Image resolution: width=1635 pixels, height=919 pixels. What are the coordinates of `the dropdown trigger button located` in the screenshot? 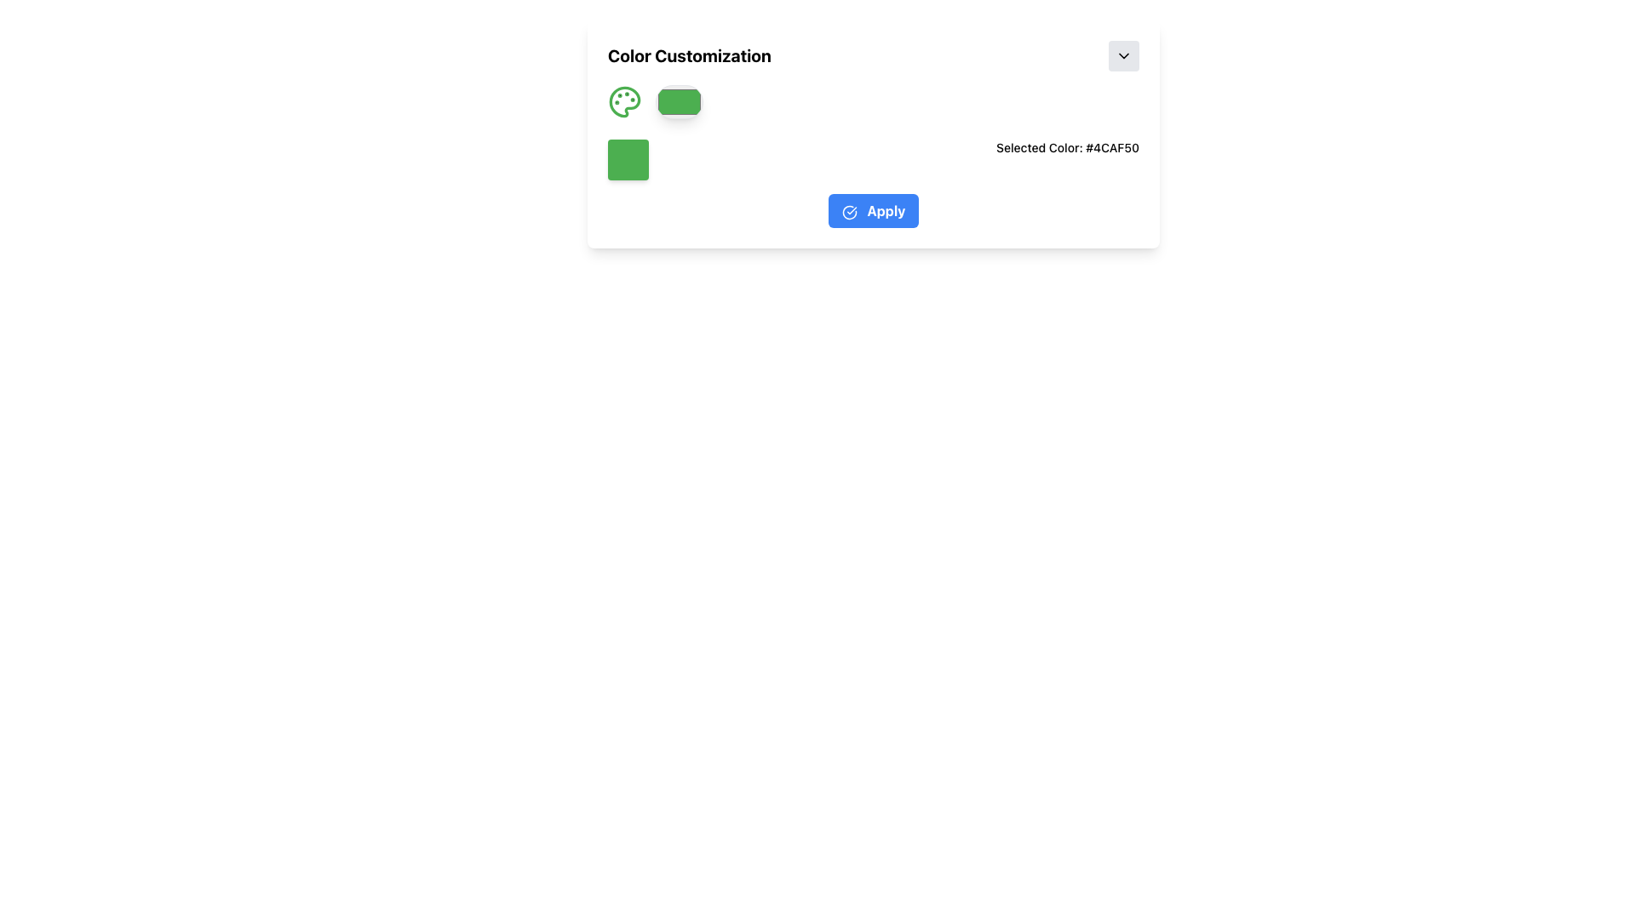 It's located at (1124, 54).